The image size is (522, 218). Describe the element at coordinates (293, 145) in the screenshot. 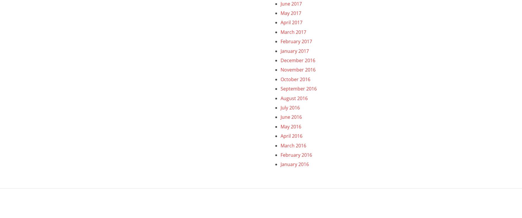

I see `'March 2016'` at that location.